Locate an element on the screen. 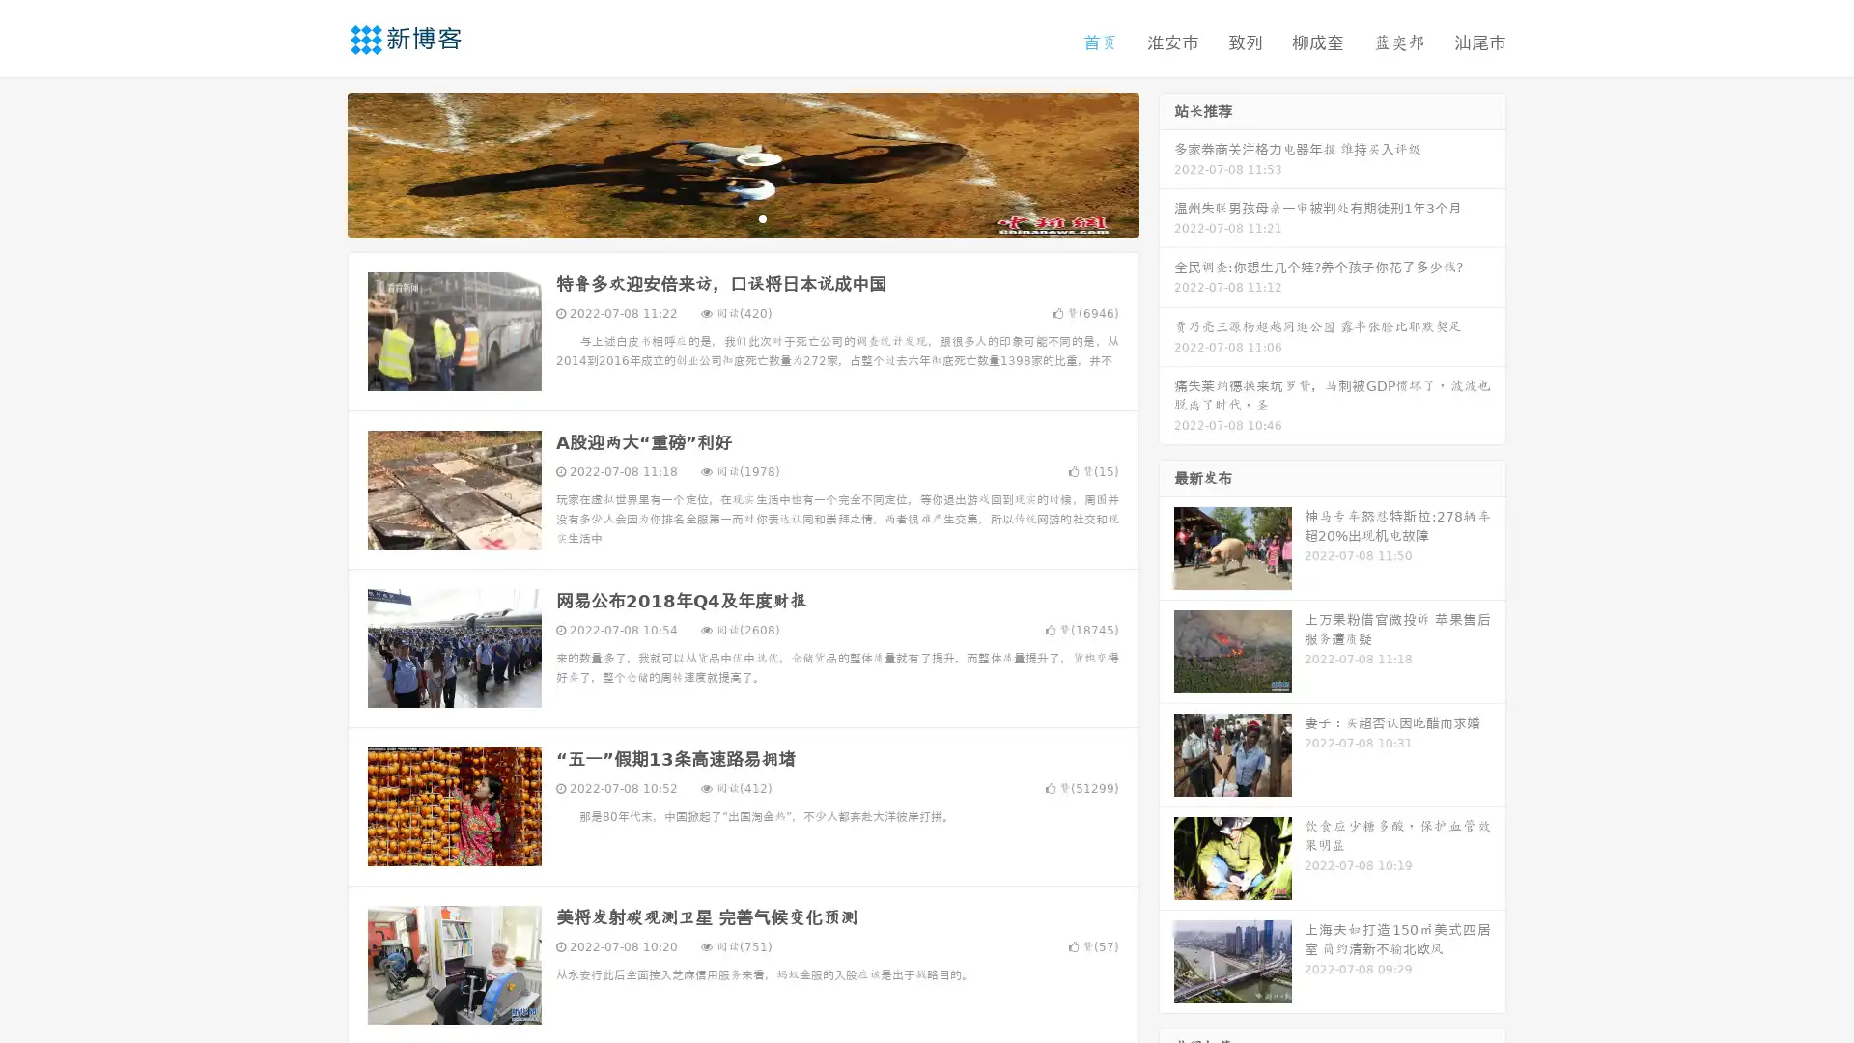  Next slide is located at coordinates (1166, 162).